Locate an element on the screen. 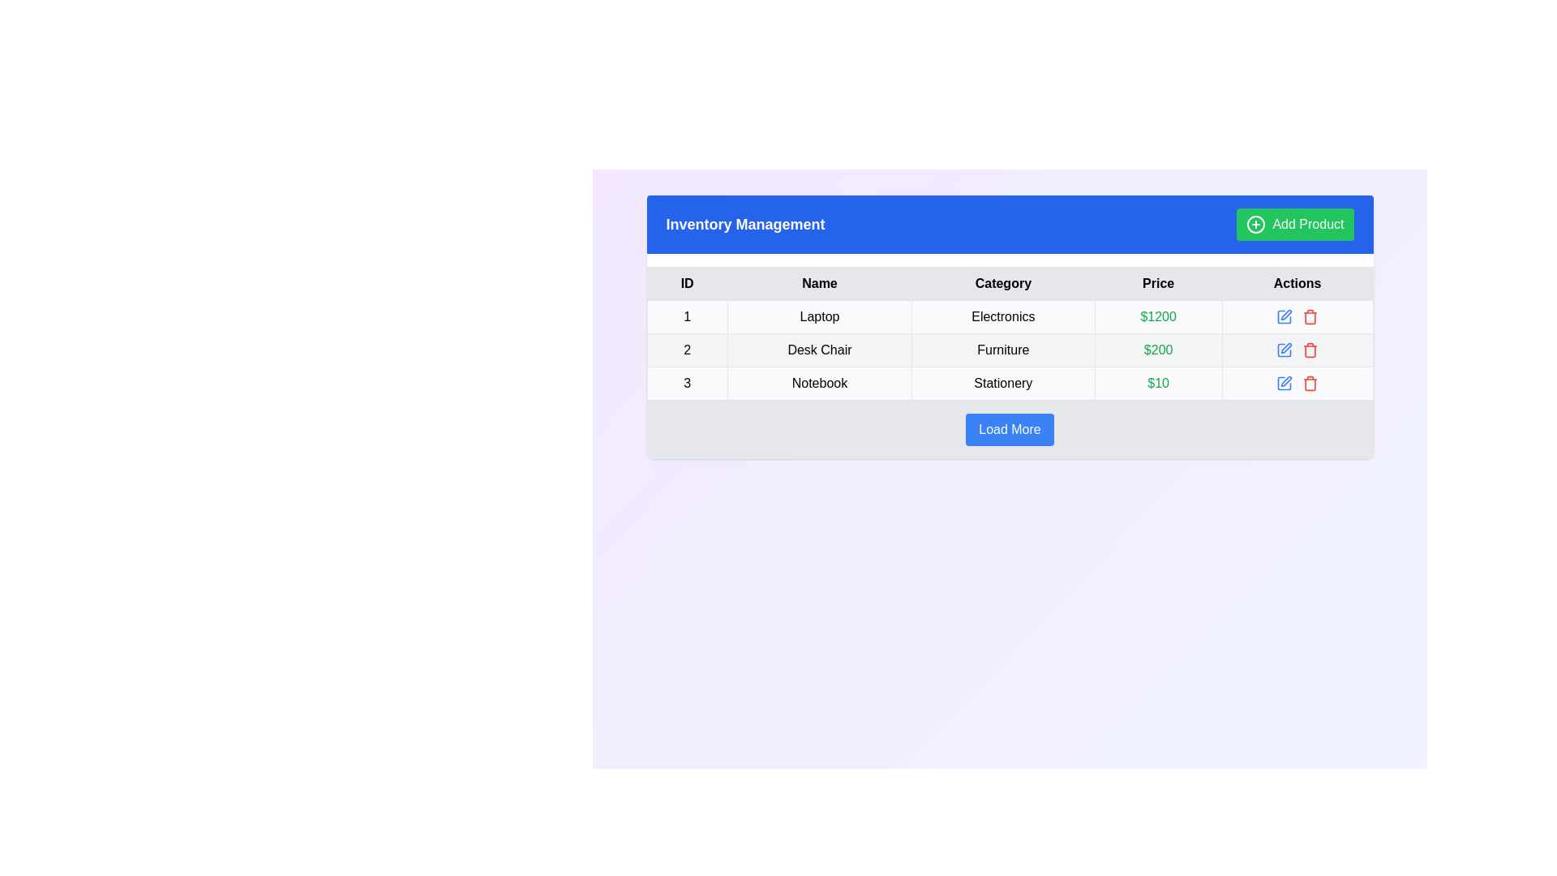 The width and height of the screenshot is (1557, 876). the icon representing the action of adding or creating an item, which is located within the green 'Add Product' button in the top-right corner of the interface is located at coordinates (1255, 225).